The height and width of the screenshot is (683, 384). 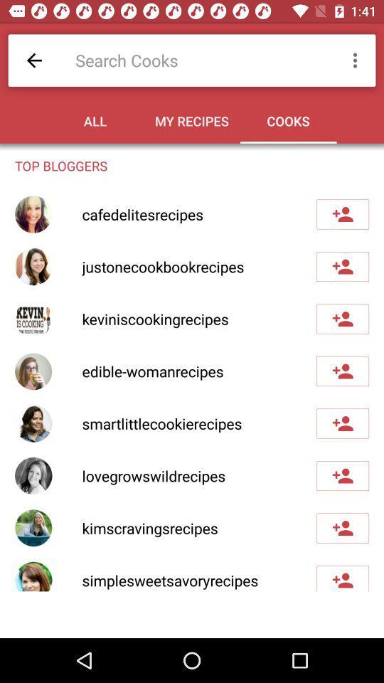 What do you see at coordinates (34, 60) in the screenshot?
I see `icon above top bloggers item` at bounding box center [34, 60].